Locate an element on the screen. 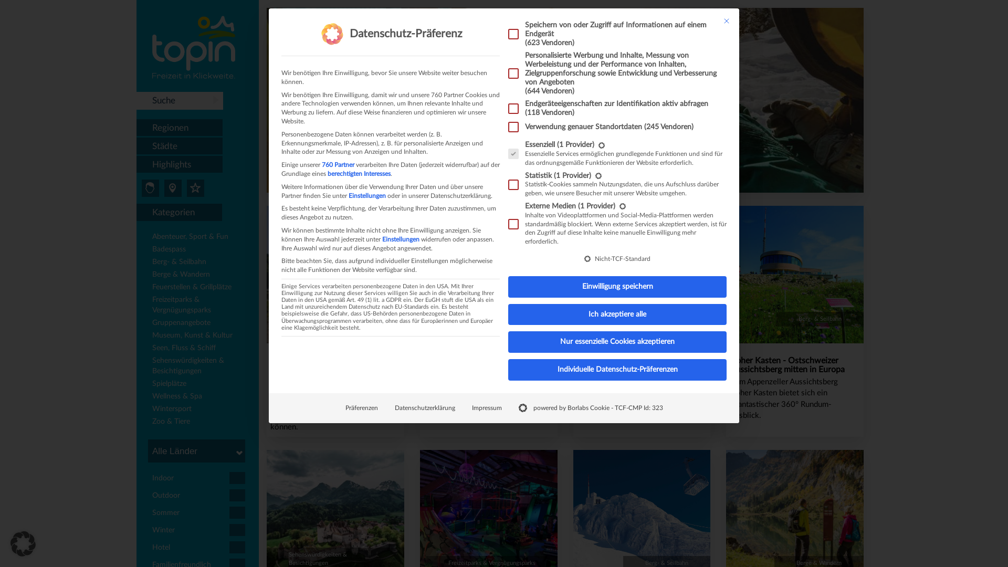 The image size is (1008, 567). 'Wintersport' is located at coordinates (151, 409).